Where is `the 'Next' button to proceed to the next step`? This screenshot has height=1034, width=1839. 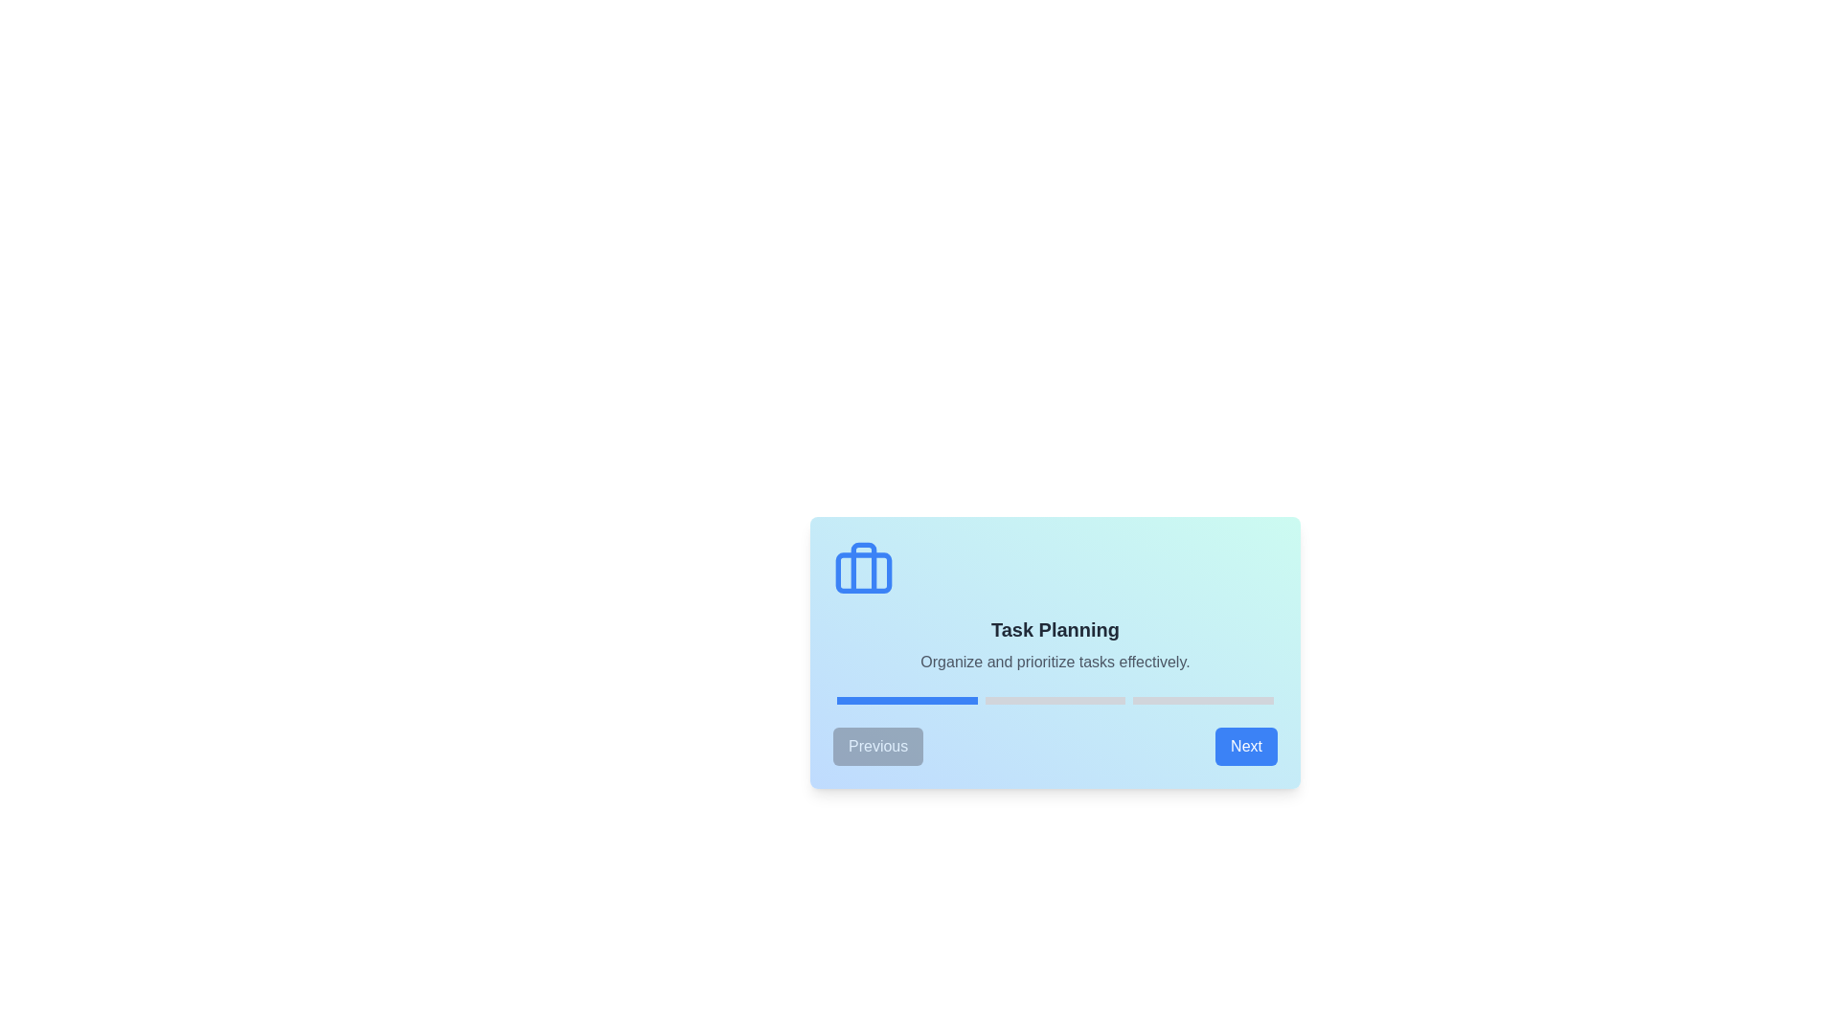 the 'Next' button to proceed to the next step is located at coordinates (1245, 745).